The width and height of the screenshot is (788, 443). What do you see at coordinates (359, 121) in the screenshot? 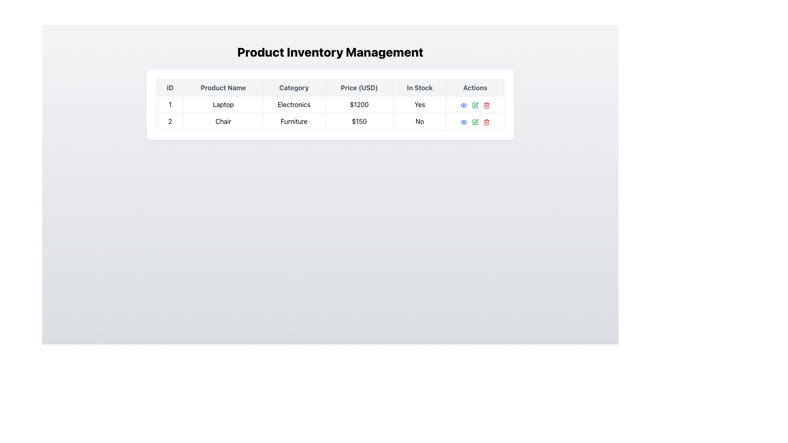
I see `the text field displaying the value '$150' located in the fourth column of the second row in a table, which is preceded by 'Furniture' and followed by 'No'` at bounding box center [359, 121].